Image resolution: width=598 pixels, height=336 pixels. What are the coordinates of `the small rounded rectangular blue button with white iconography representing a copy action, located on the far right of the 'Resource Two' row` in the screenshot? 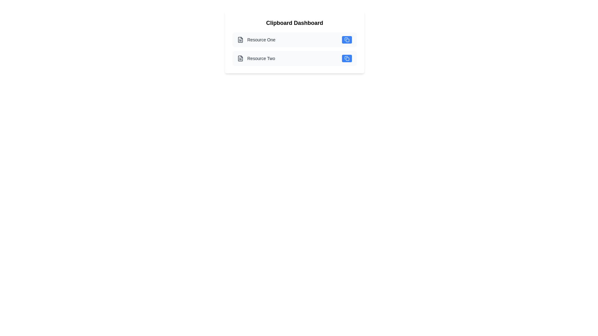 It's located at (346, 58).